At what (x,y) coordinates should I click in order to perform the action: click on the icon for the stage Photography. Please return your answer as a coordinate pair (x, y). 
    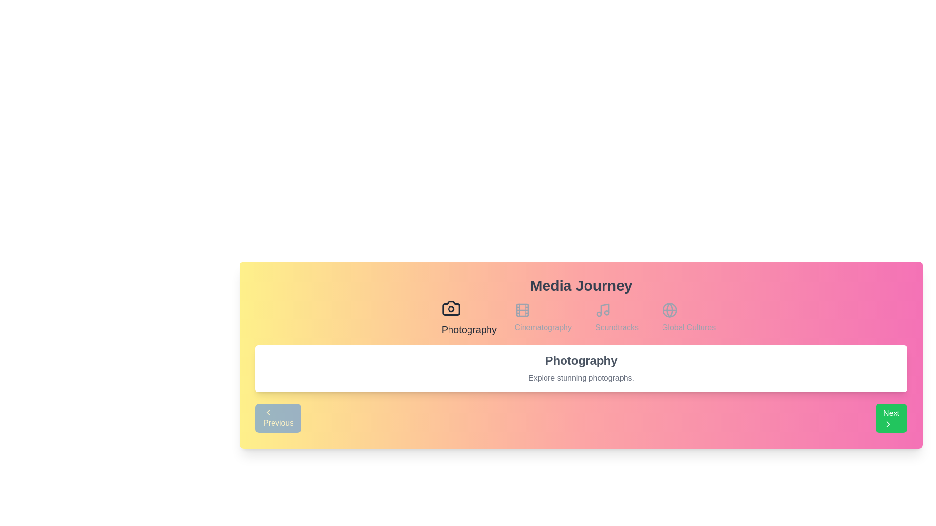
    Looking at the image, I should click on (468, 318).